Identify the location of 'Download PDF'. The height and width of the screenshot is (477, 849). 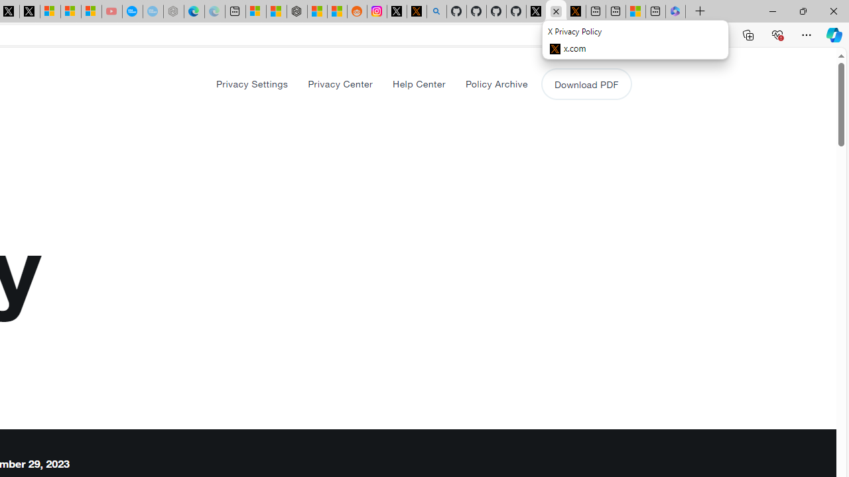
(586, 84).